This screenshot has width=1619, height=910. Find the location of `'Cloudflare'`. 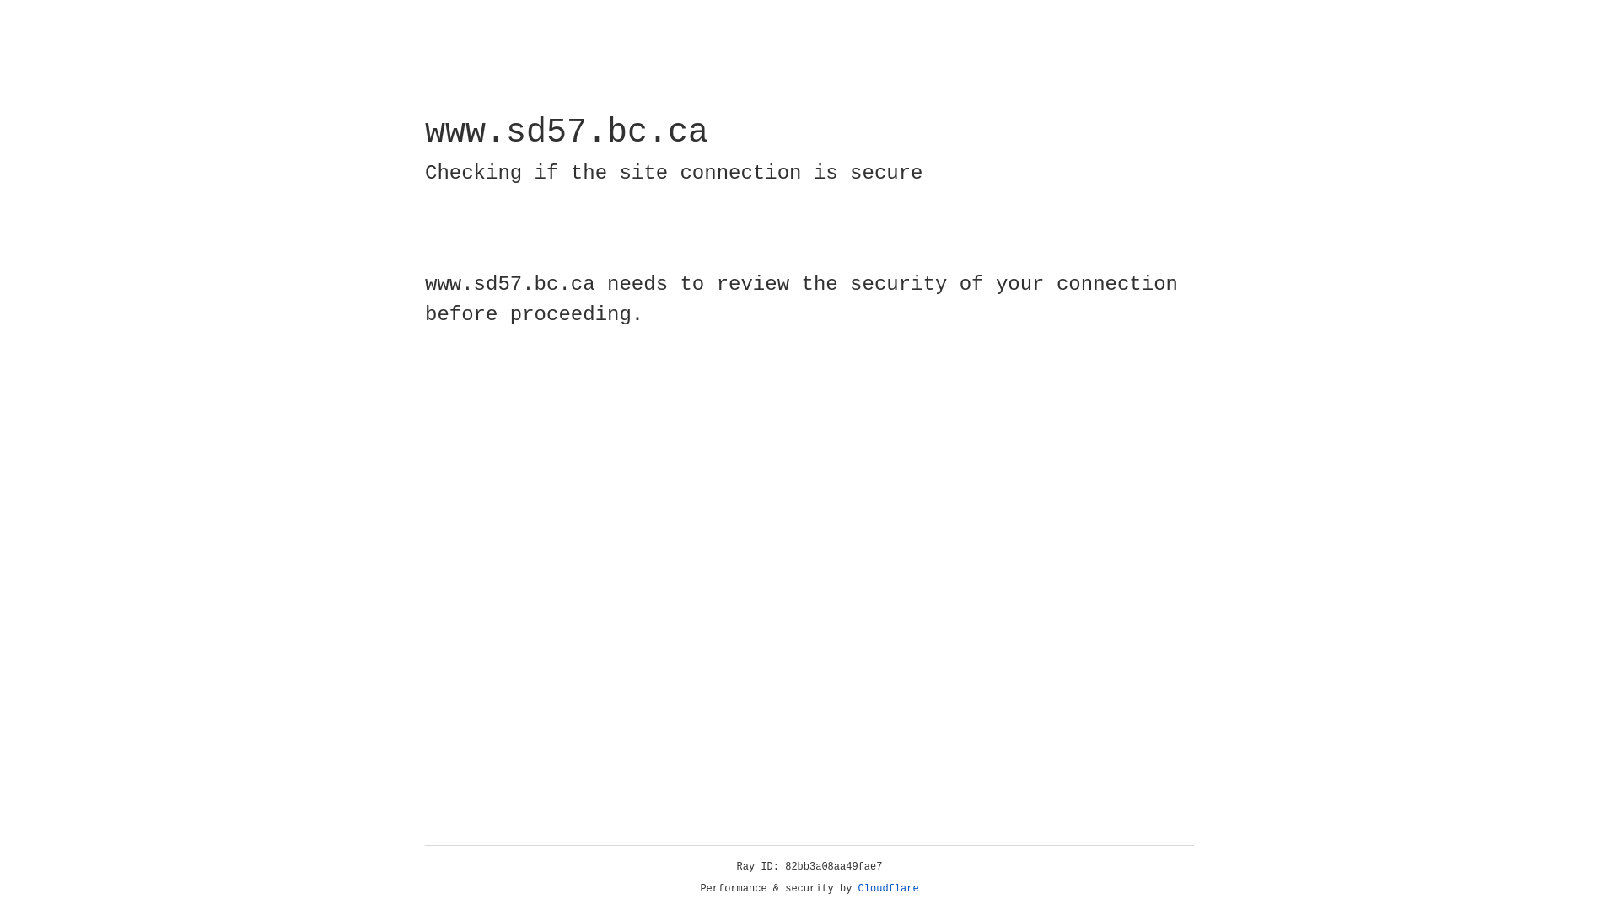

'Cloudflare' is located at coordinates (888, 888).